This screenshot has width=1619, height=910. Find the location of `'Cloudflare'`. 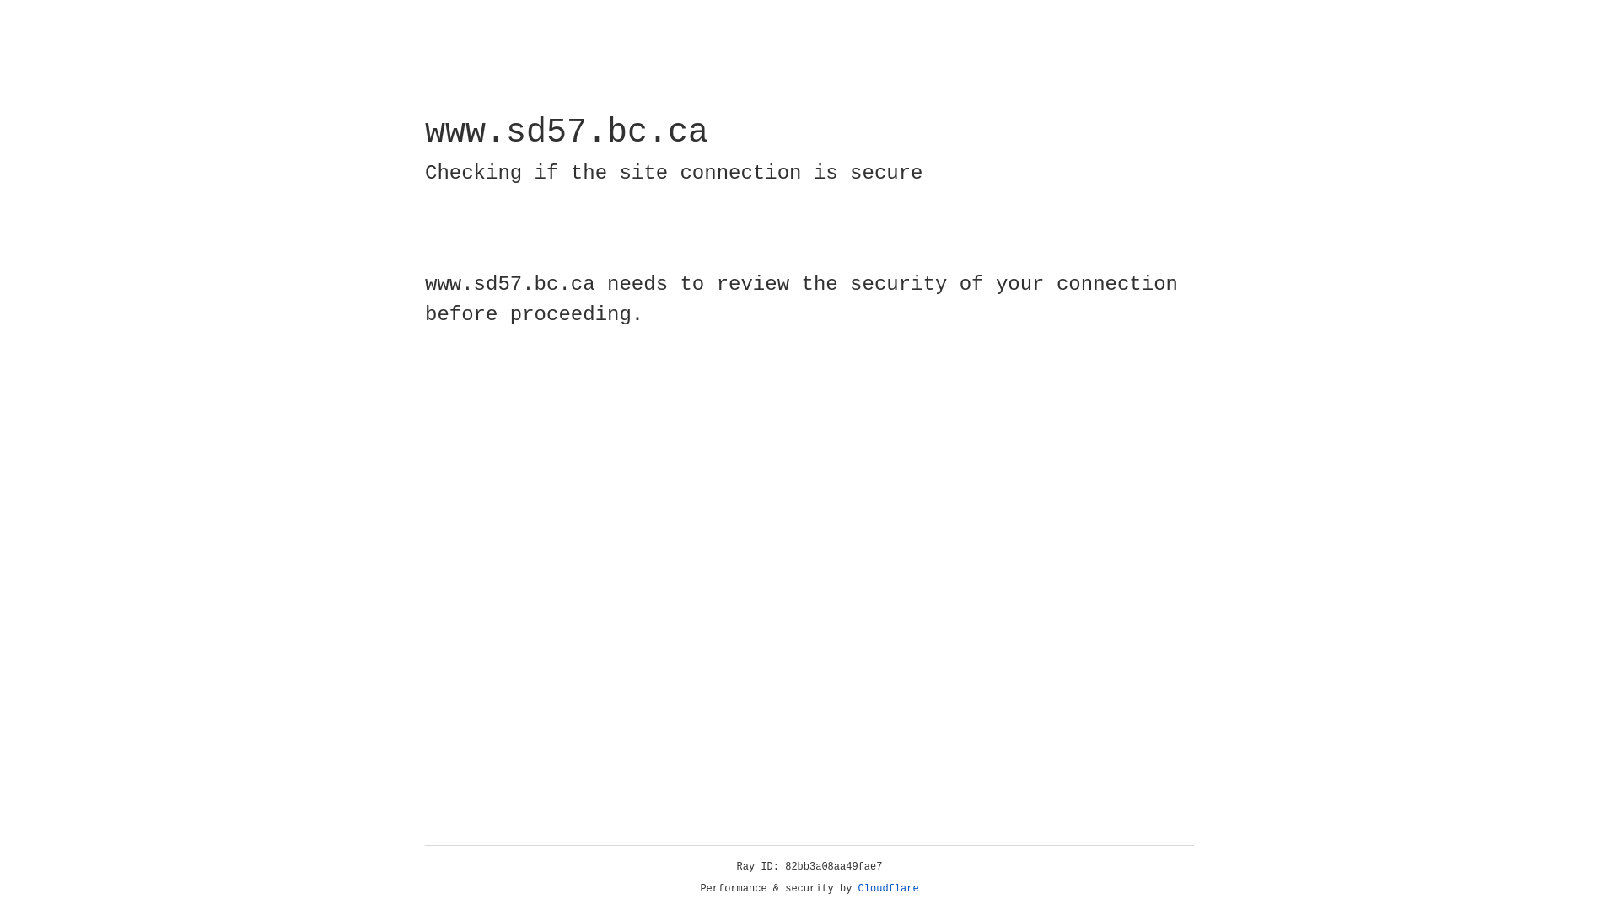

'Cloudflare' is located at coordinates (888, 888).